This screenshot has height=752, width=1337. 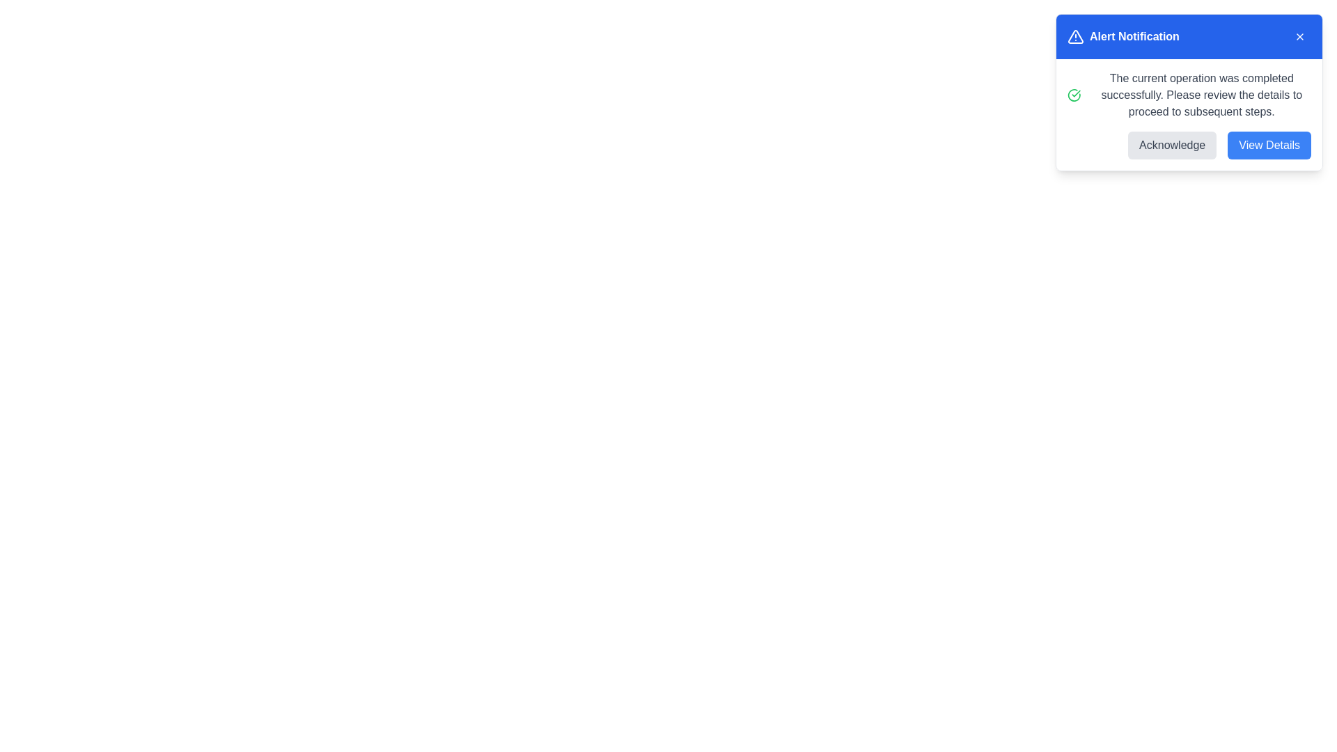 I want to click on the close button with an icon located in the top-right corner of the blue notification header bar, so click(x=1299, y=36).